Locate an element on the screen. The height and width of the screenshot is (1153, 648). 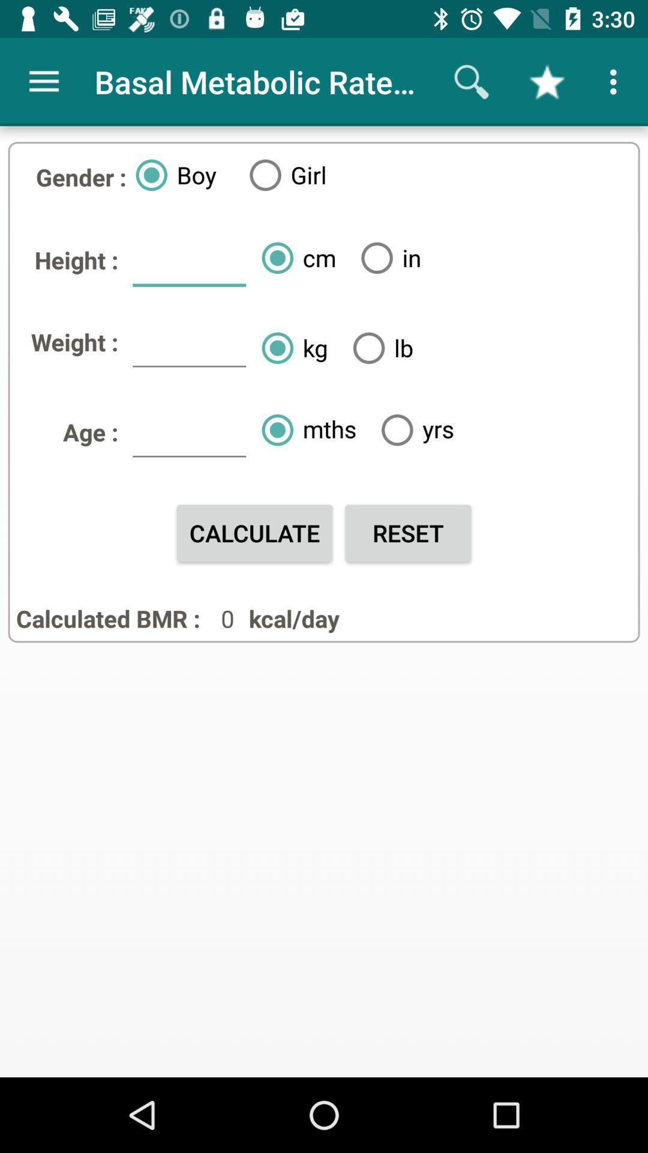
kg is located at coordinates (290, 347).